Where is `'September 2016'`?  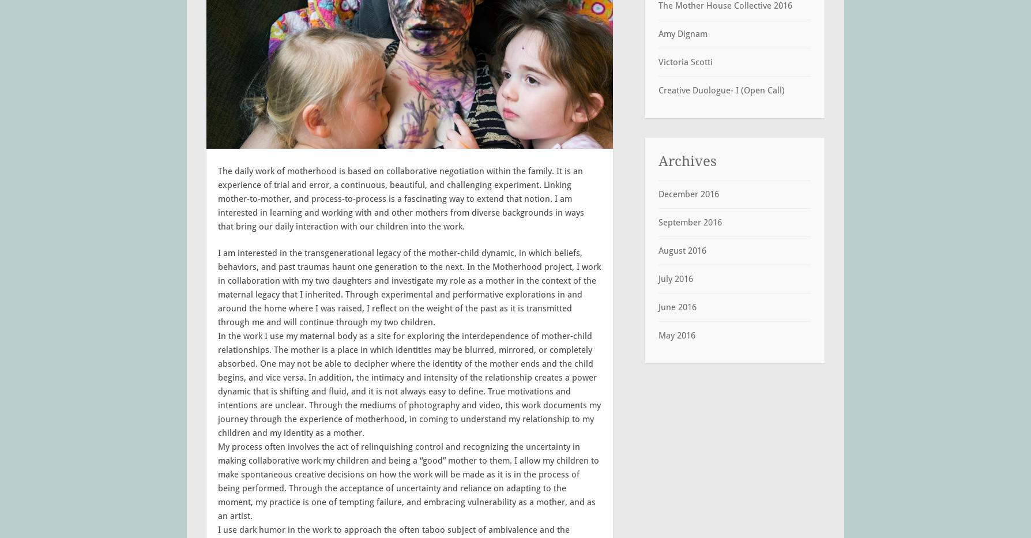
'September 2016' is located at coordinates (657, 221).